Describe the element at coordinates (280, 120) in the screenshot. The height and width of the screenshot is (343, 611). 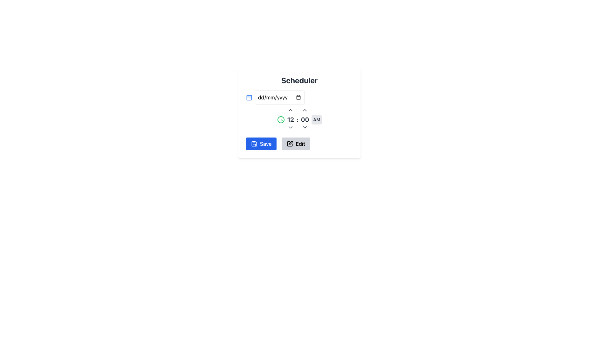
I see `the clock icon located to the left of the time display ('12:00') in the time-setting section` at that location.